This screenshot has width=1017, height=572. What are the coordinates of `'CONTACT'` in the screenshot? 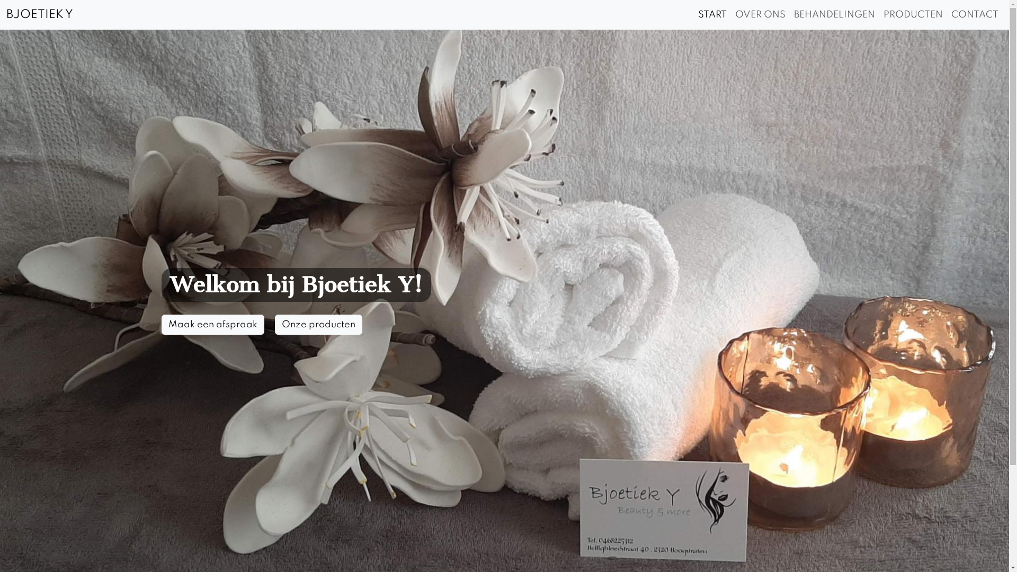 It's located at (947, 14).